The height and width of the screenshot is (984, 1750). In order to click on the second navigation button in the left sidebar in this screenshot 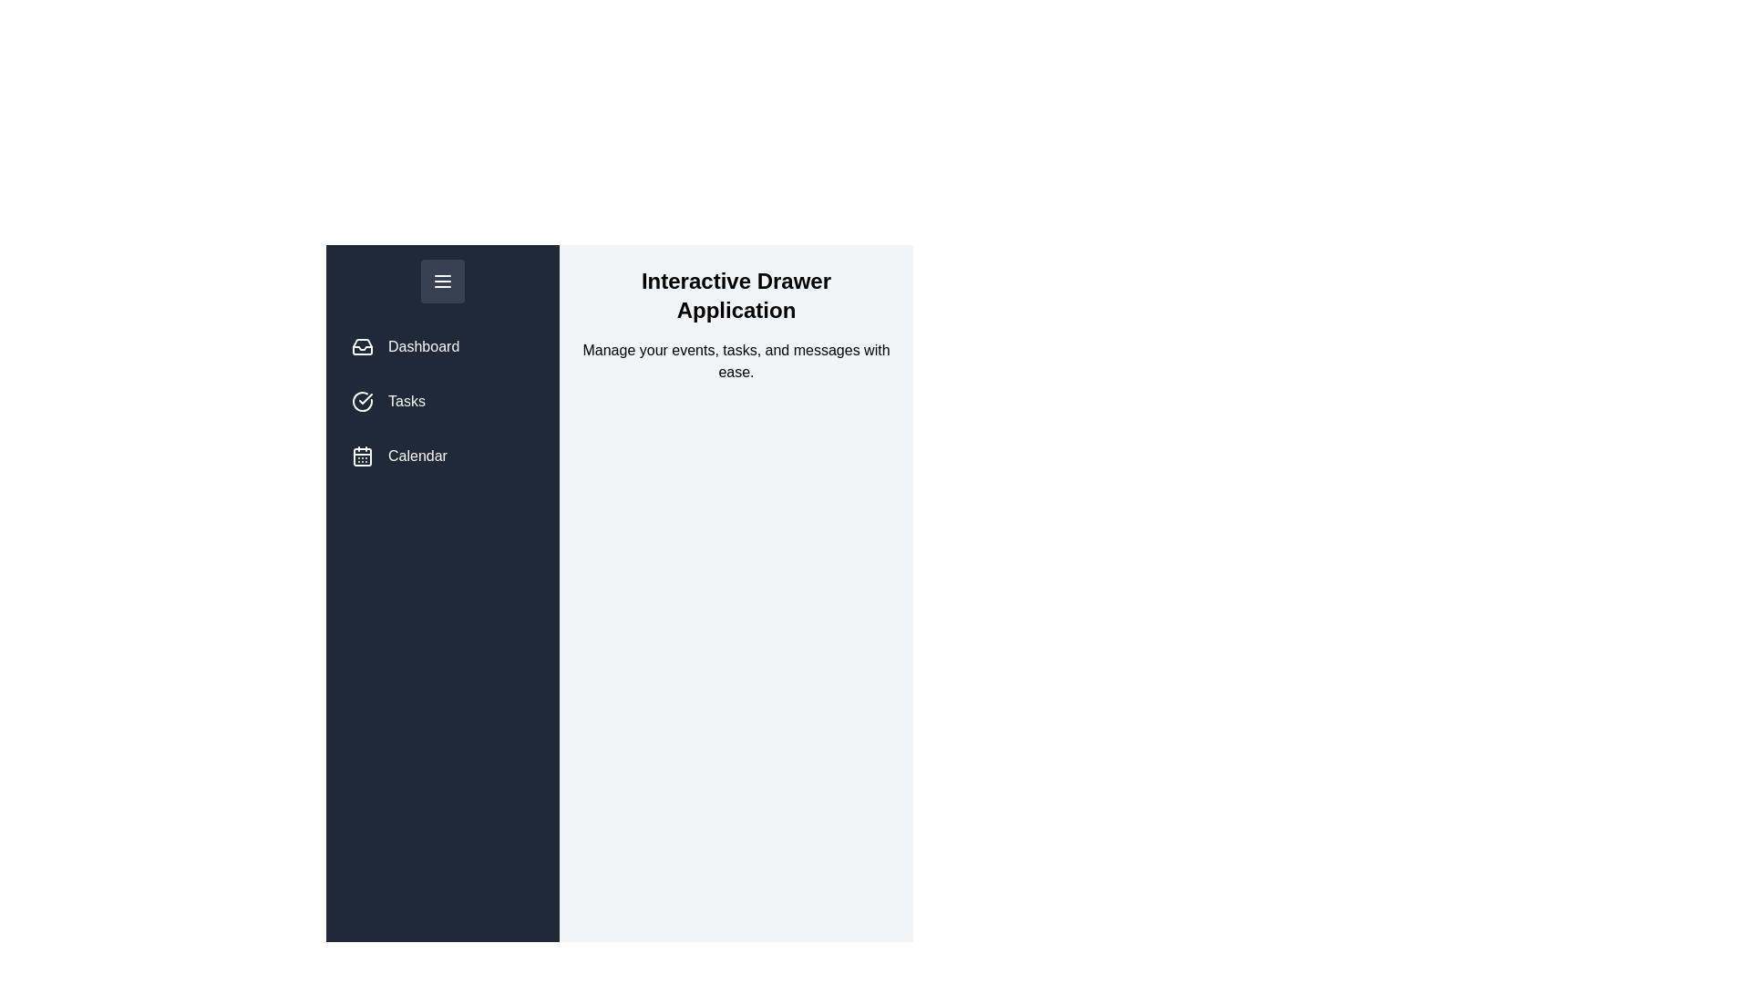, I will do `click(442, 400)`.